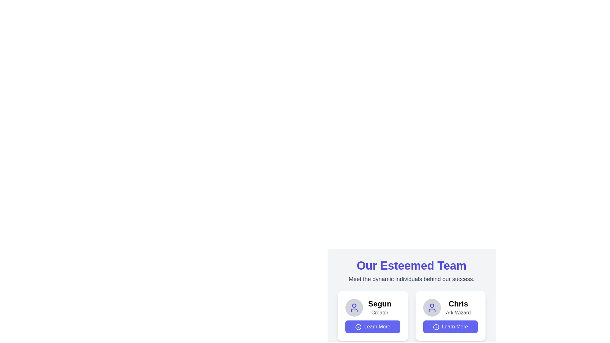 The image size is (610, 343). I want to click on the text label displaying 'Segun', which is styled in bold and large font and is located above the text 'Creator' within a profile card on the left side of the interface, so click(380, 303).